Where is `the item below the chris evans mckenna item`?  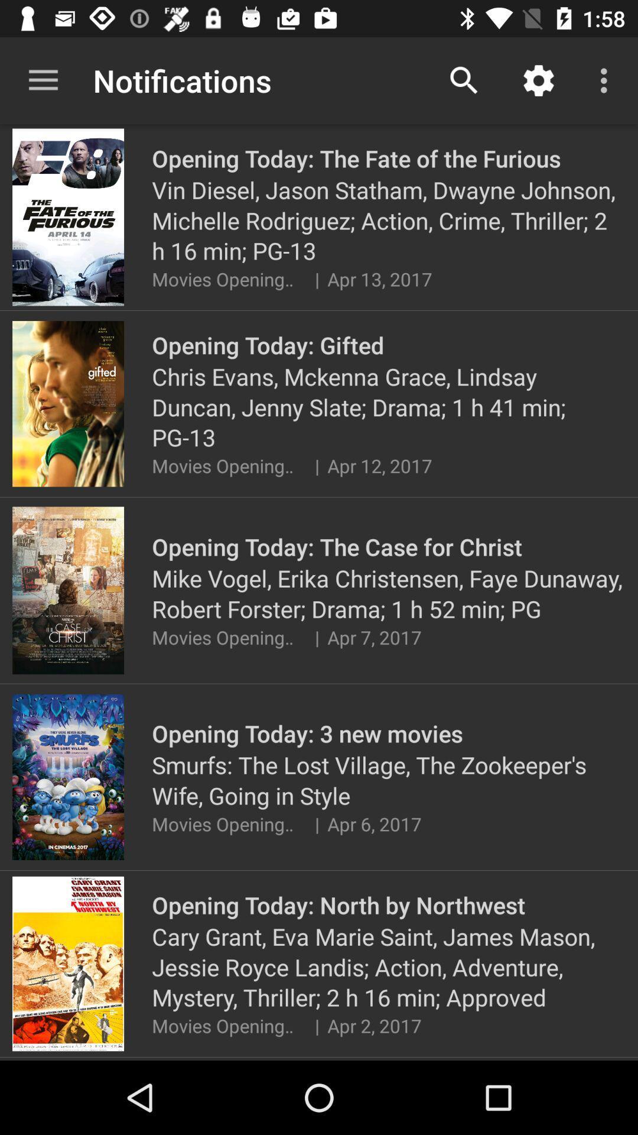 the item below the chris evans mckenna item is located at coordinates (316, 465).